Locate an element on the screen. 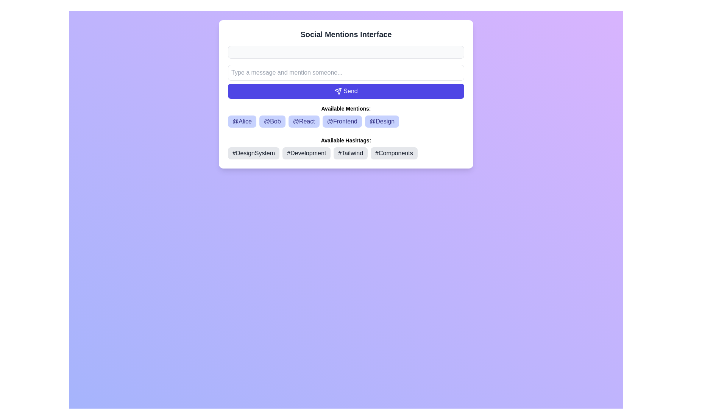 The width and height of the screenshot is (727, 409). the 'Send' button which contains the send icon is located at coordinates (337, 90).